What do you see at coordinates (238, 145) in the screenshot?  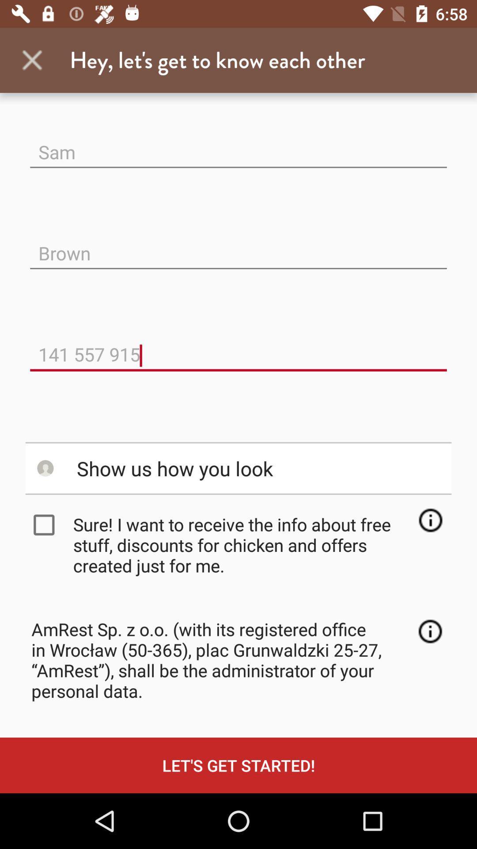 I see `sam item` at bounding box center [238, 145].